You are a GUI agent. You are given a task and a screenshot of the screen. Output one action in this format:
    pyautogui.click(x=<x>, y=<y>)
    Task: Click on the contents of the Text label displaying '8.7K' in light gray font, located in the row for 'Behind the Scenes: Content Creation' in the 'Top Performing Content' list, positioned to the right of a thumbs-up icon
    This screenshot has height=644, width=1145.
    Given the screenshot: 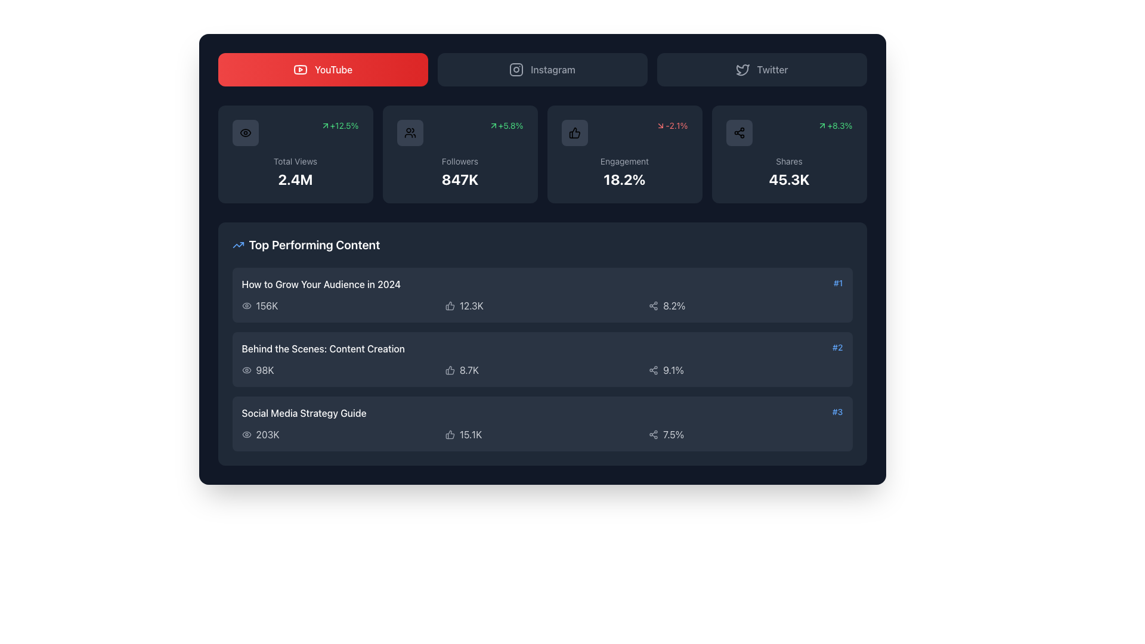 What is the action you would take?
    pyautogui.click(x=469, y=370)
    